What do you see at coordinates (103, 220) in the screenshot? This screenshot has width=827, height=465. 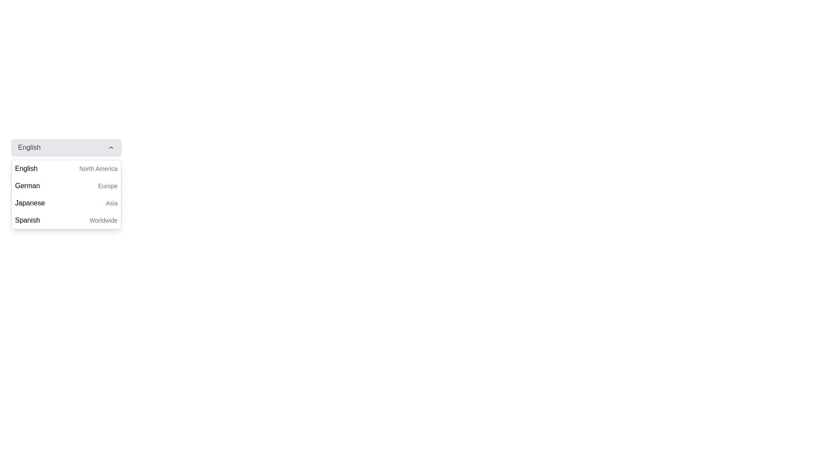 I see `the label text providing additional context for the 'Spanish' language option in the dropdown menu, located to the right of the 'Spanish' label` at bounding box center [103, 220].